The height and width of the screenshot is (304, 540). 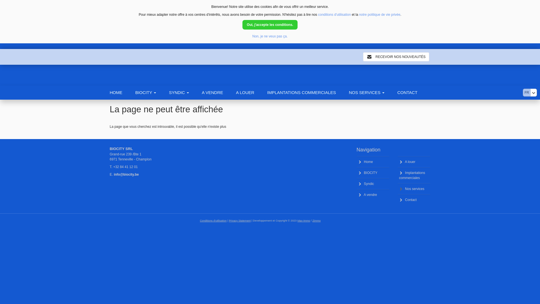 I want to click on 'NOS SERVICES', so click(x=373, y=92).